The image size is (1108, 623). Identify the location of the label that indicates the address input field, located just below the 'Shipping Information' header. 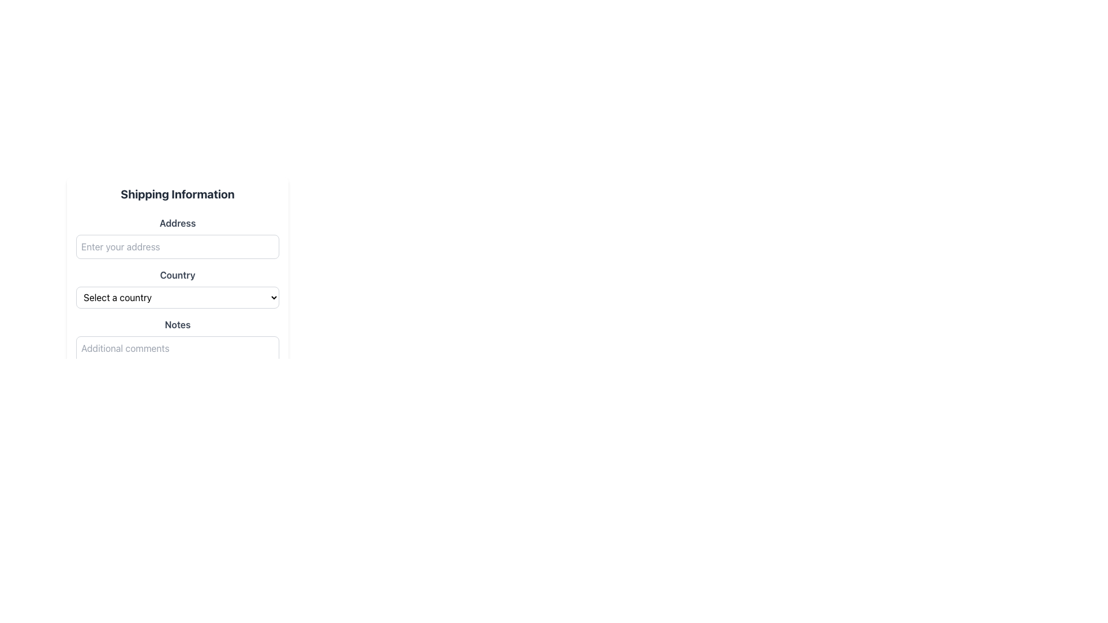
(177, 223).